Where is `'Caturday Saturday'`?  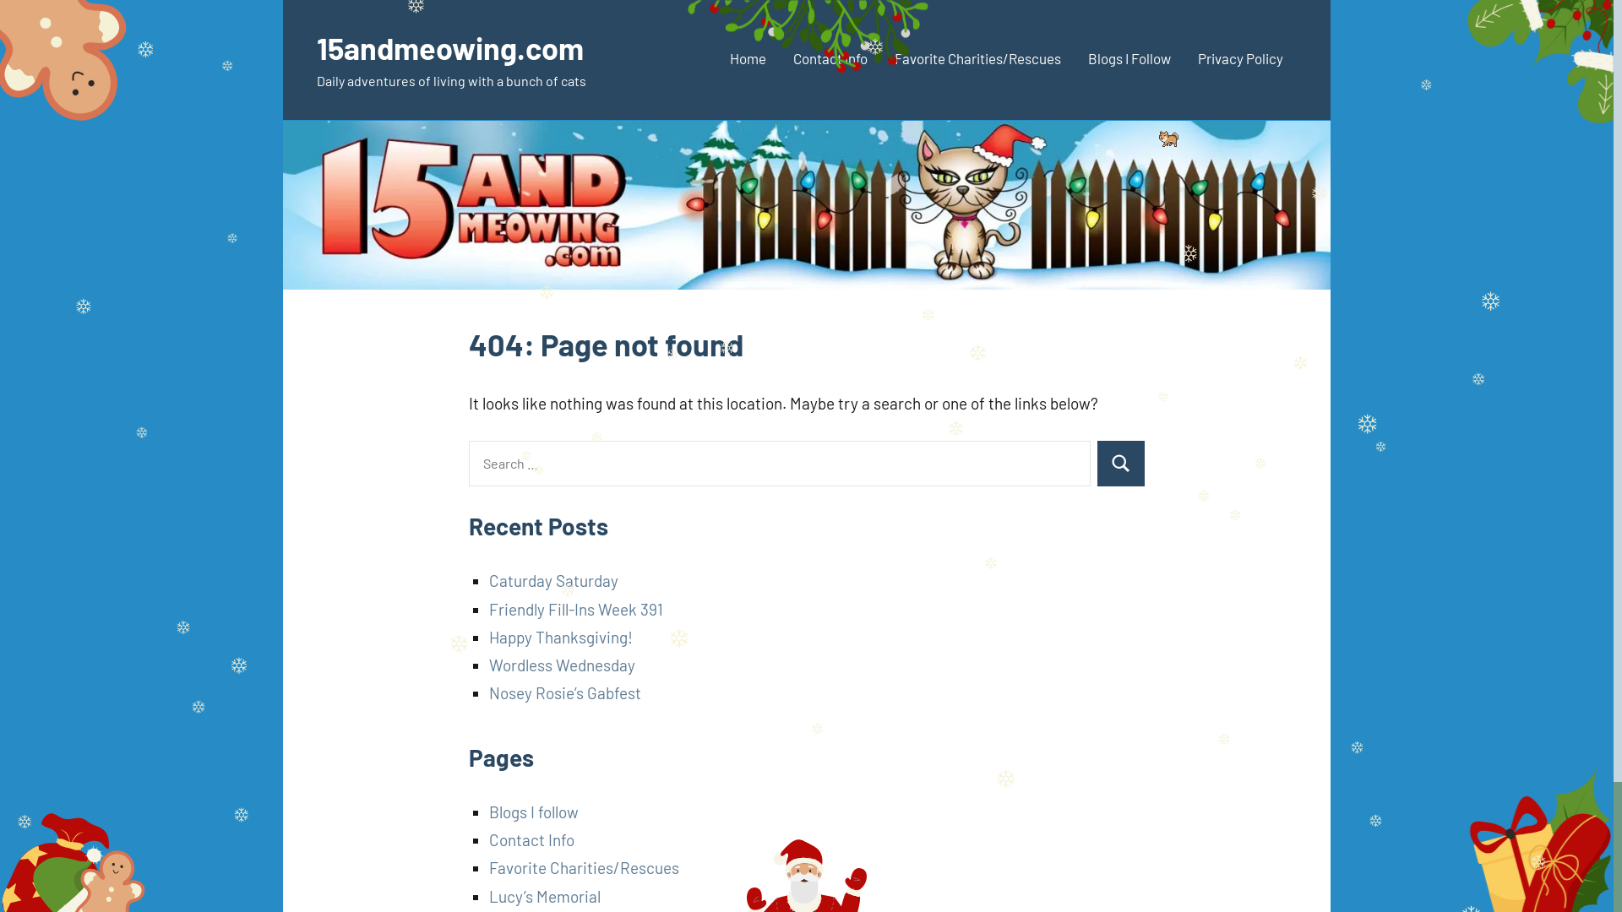 'Caturday Saturday' is located at coordinates (553, 579).